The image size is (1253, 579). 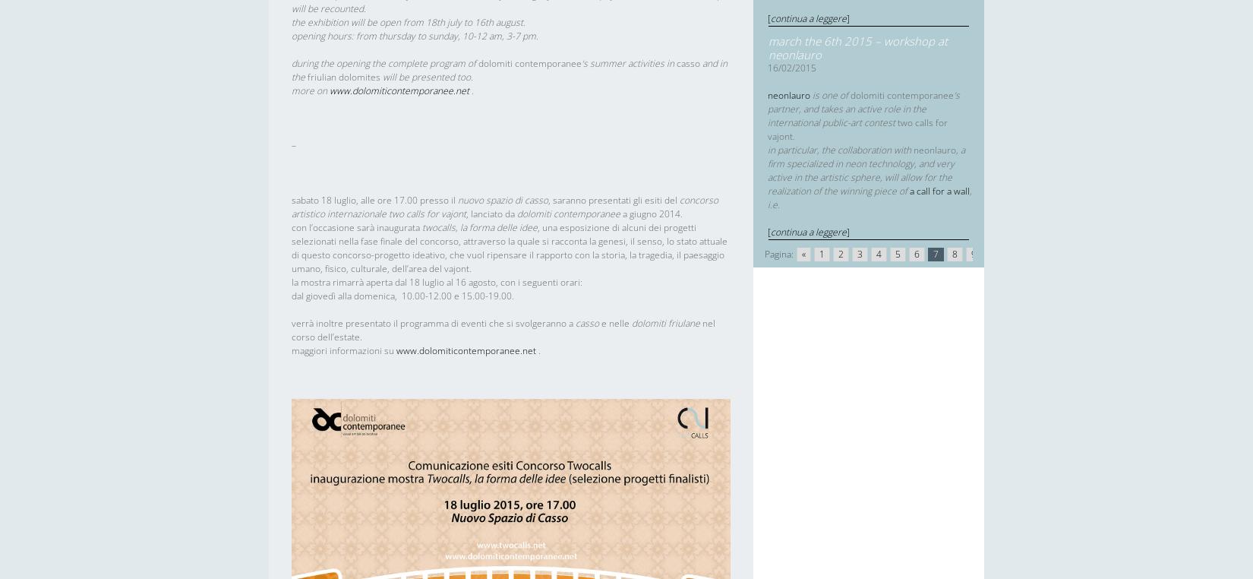 What do you see at coordinates (502, 329) in the screenshot?
I see `'nel corso dell’estate.'` at bounding box center [502, 329].